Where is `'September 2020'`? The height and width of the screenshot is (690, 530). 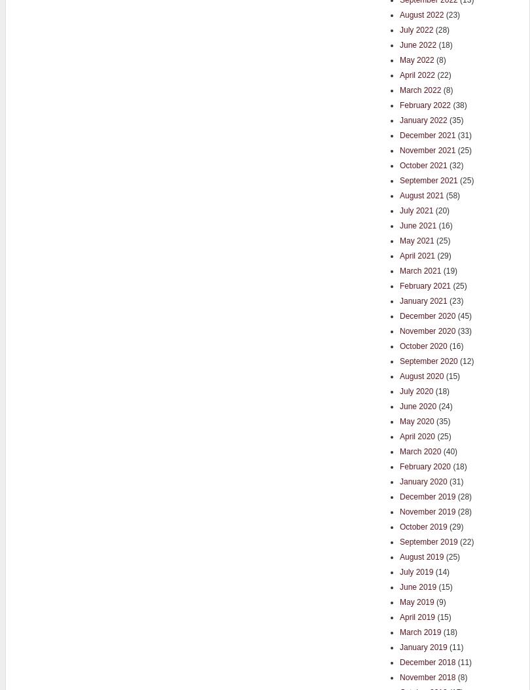
'September 2020' is located at coordinates (427, 361).